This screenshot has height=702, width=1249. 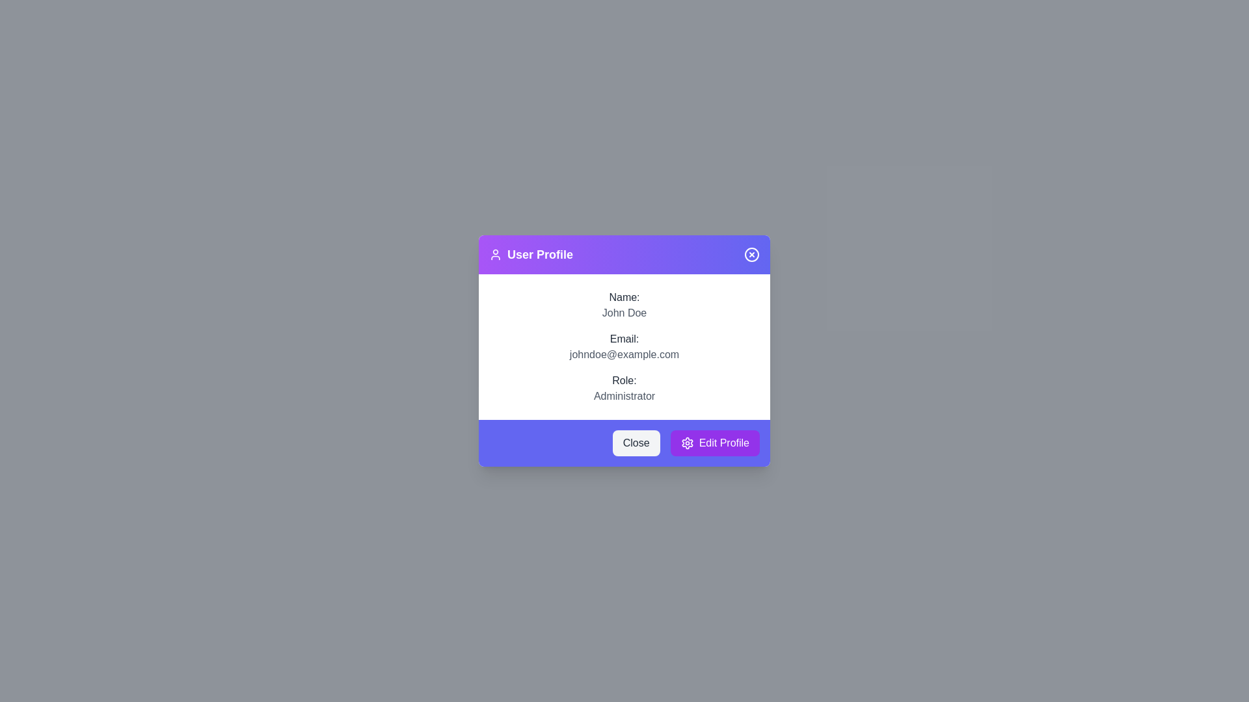 What do you see at coordinates (624, 298) in the screenshot?
I see `the static text label that displays 'Name:' in bold dark gray font, located at the top of the user details section above the user's name 'John Doe'` at bounding box center [624, 298].